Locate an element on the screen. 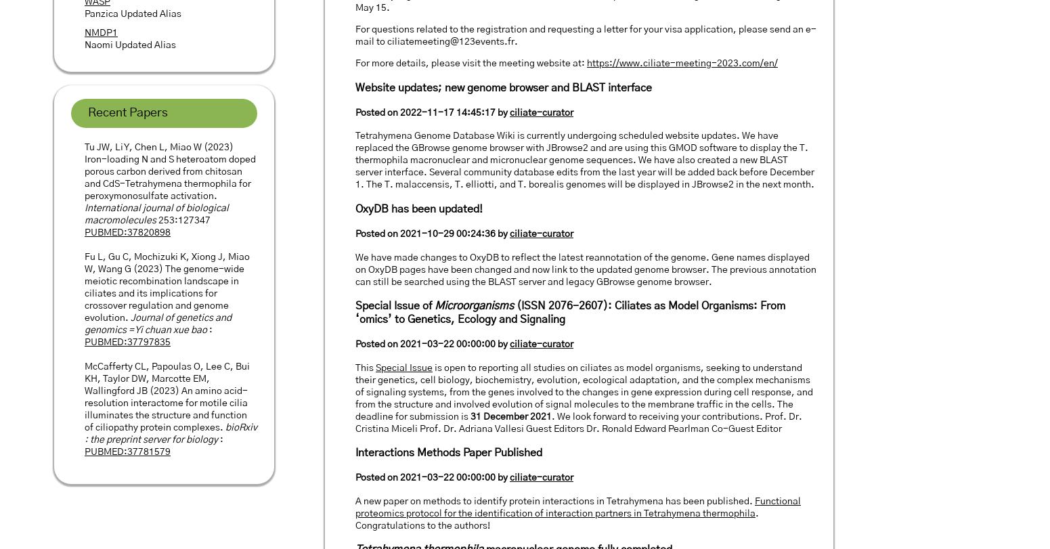 This screenshot has width=1050, height=549. 'Functional proteomics protocol for the identification of interaction partners in Tetrahymena thermophila' is located at coordinates (577, 506).